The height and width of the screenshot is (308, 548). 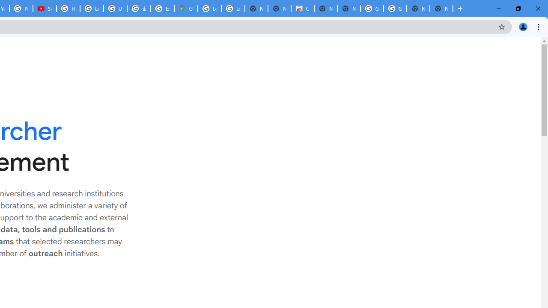 I want to click on 'Google Maps', so click(x=185, y=9).